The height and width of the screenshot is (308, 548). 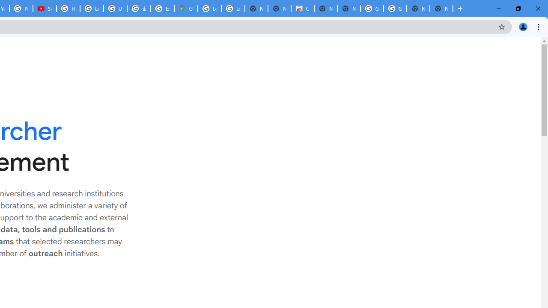 I want to click on 'Google Maps', so click(x=185, y=9).